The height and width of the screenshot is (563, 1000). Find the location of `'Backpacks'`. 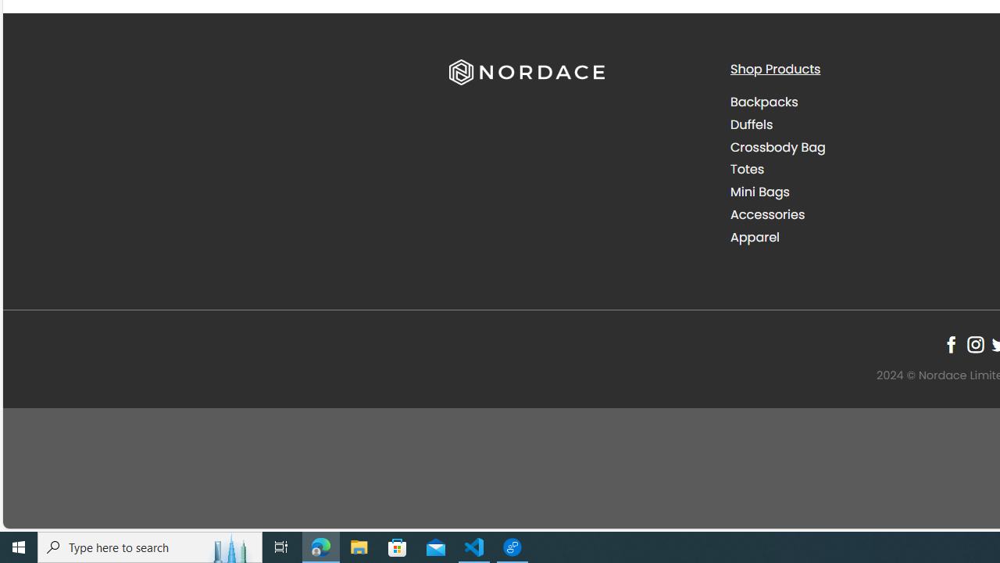

'Backpacks' is located at coordinates (858, 102).